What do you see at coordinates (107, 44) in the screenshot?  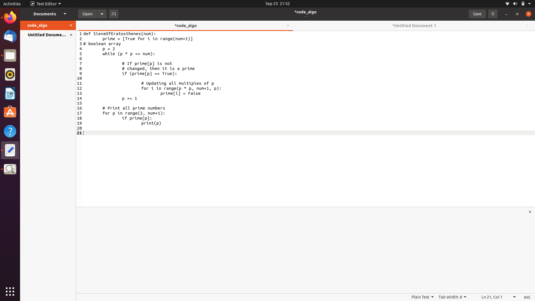 I see `Copy the contents of code_algo document to paste in untitled document using hotkeys Ctrl+A for select All, Ctrl+C for copy and Ctrl+V for paste` at bounding box center [107, 44].